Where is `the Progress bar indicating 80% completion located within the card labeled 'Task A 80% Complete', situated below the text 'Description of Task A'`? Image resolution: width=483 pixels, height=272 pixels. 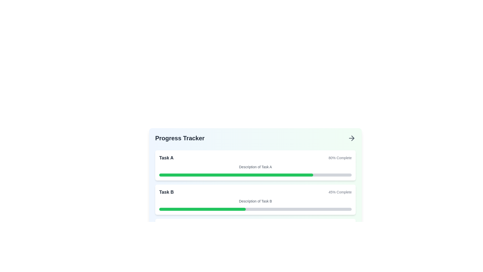
the Progress bar indicating 80% completion located within the card labeled 'Task A 80% Complete', situated below the text 'Description of Task A' is located at coordinates (255, 175).